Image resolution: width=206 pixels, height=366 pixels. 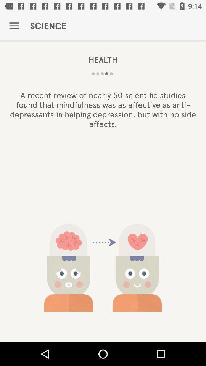 What do you see at coordinates (14, 26) in the screenshot?
I see `the item to the left of the science` at bounding box center [14, 26].